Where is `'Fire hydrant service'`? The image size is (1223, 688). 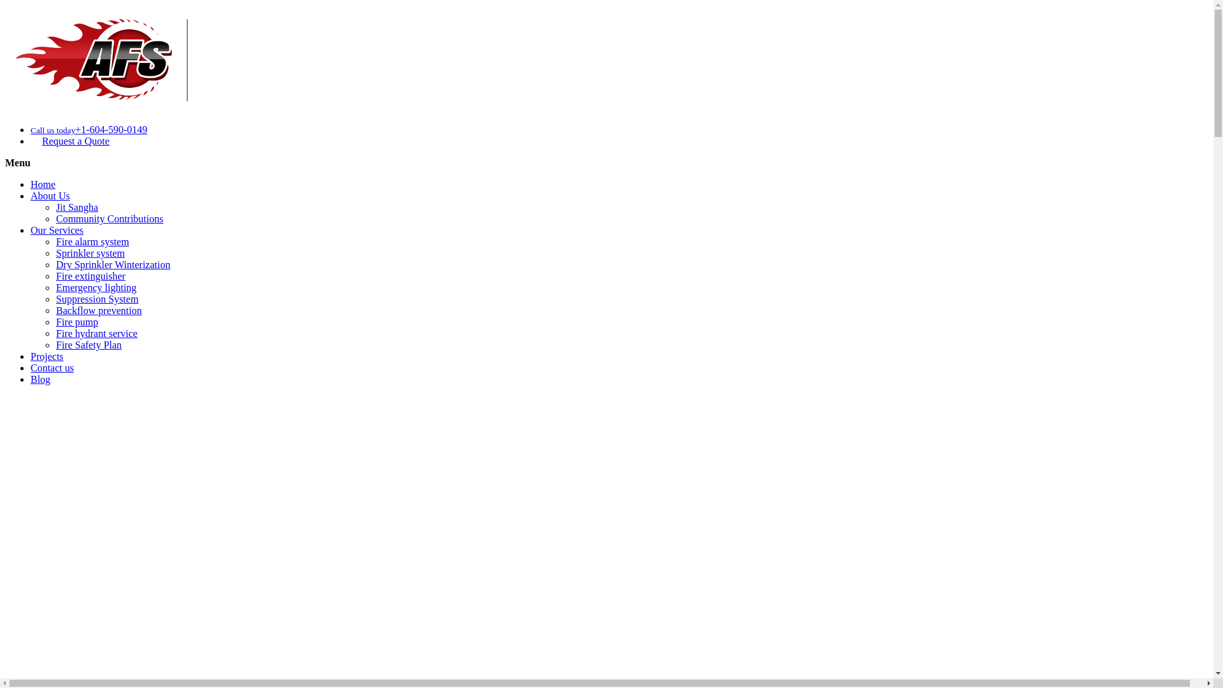 'Fire hydrant service' is located at coordinates (96, 333).